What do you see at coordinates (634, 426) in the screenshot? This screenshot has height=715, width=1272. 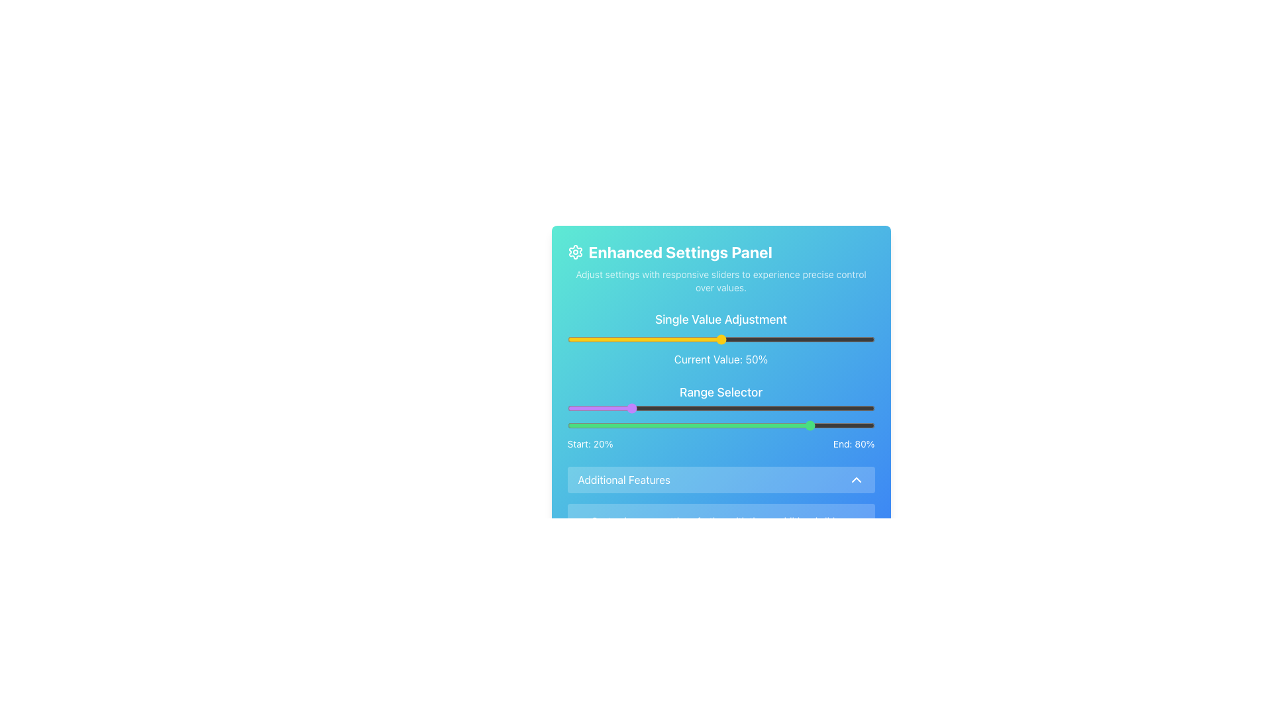 I see `the slider` at bounding box center [634, 426].